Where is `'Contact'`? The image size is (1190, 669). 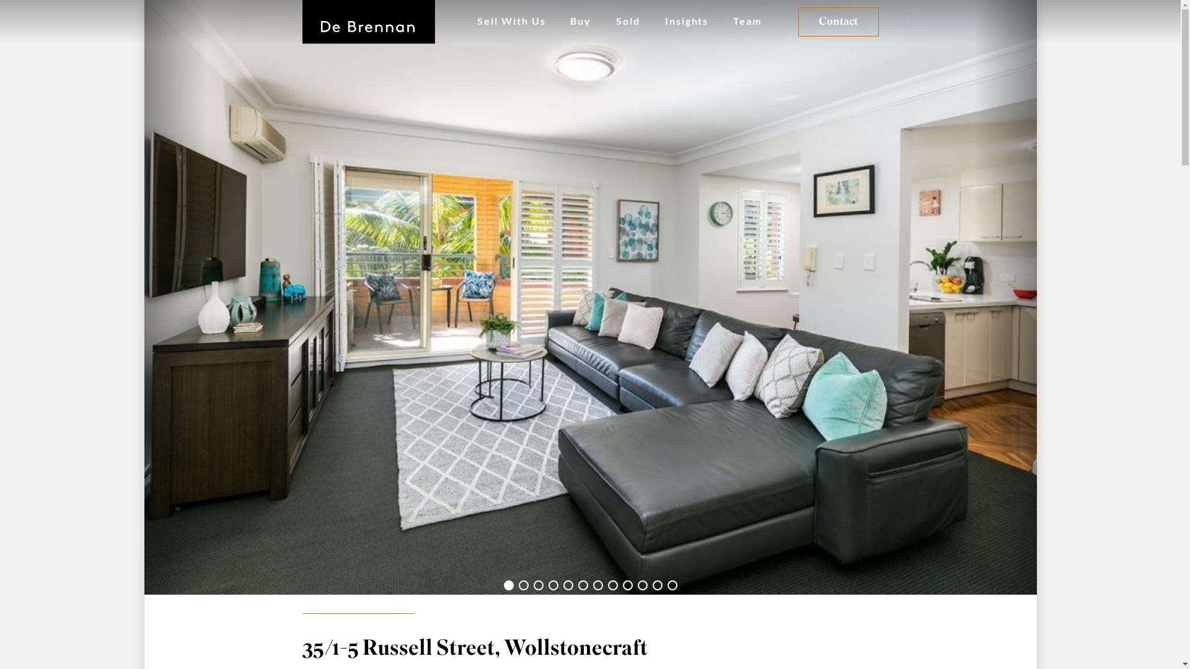
'Contact' is located at coordinates (839, 22).